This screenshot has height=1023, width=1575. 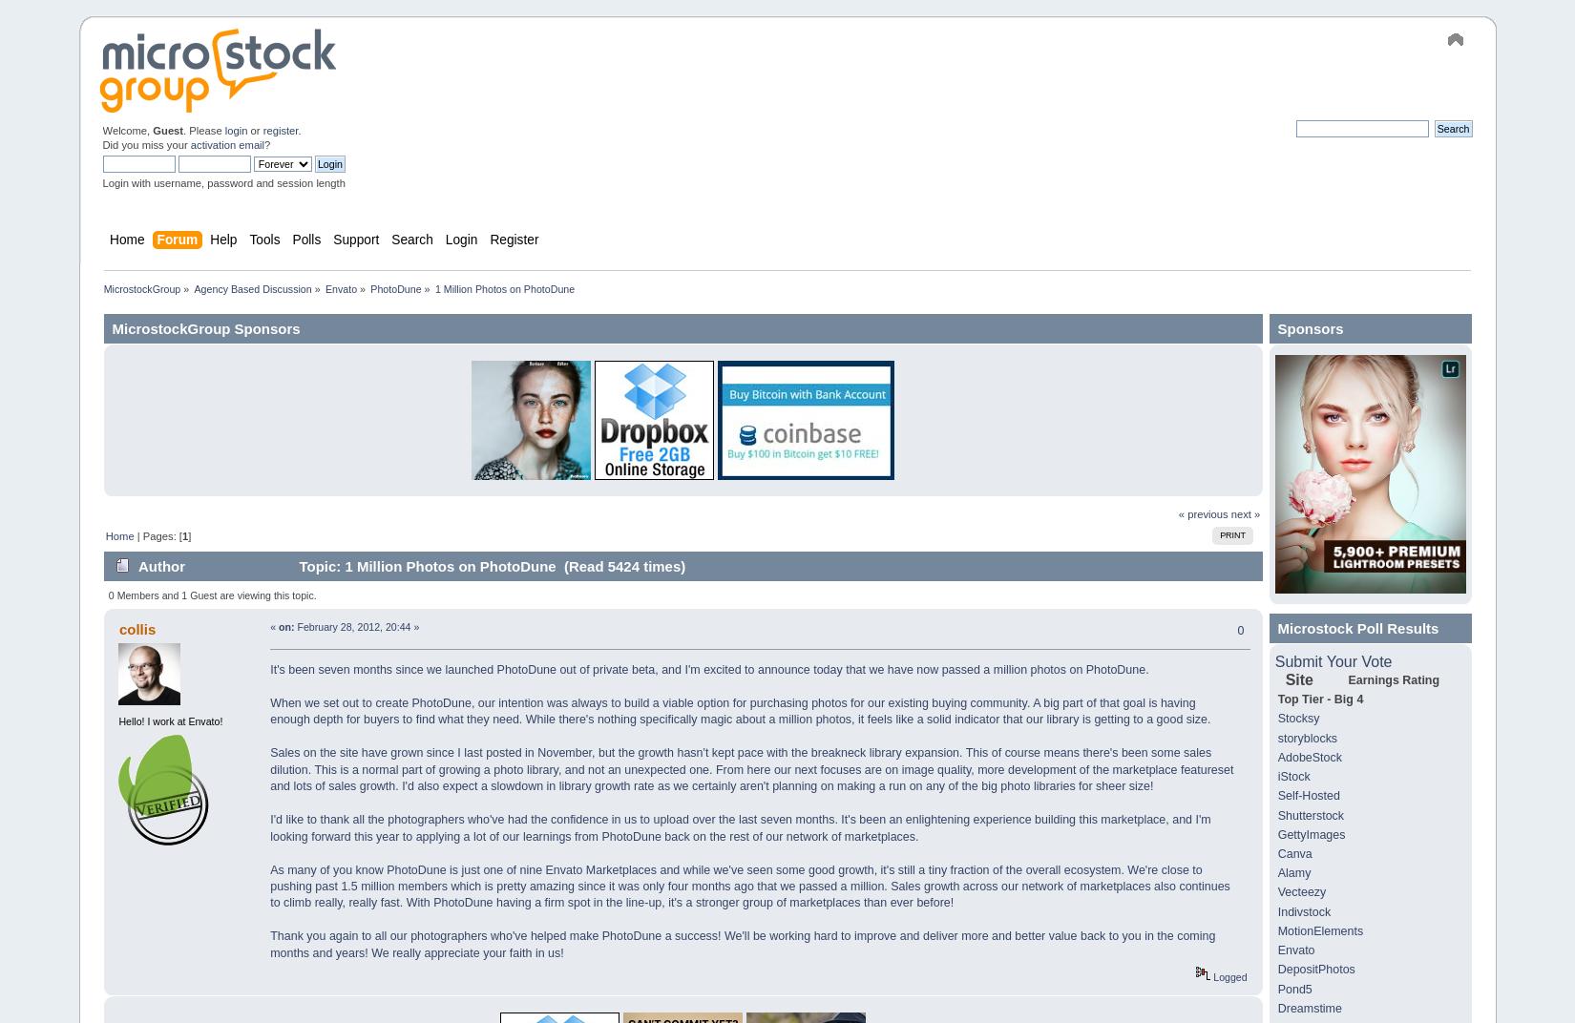 I want to click on 'GettyImages', so click(x=1310, y=834).